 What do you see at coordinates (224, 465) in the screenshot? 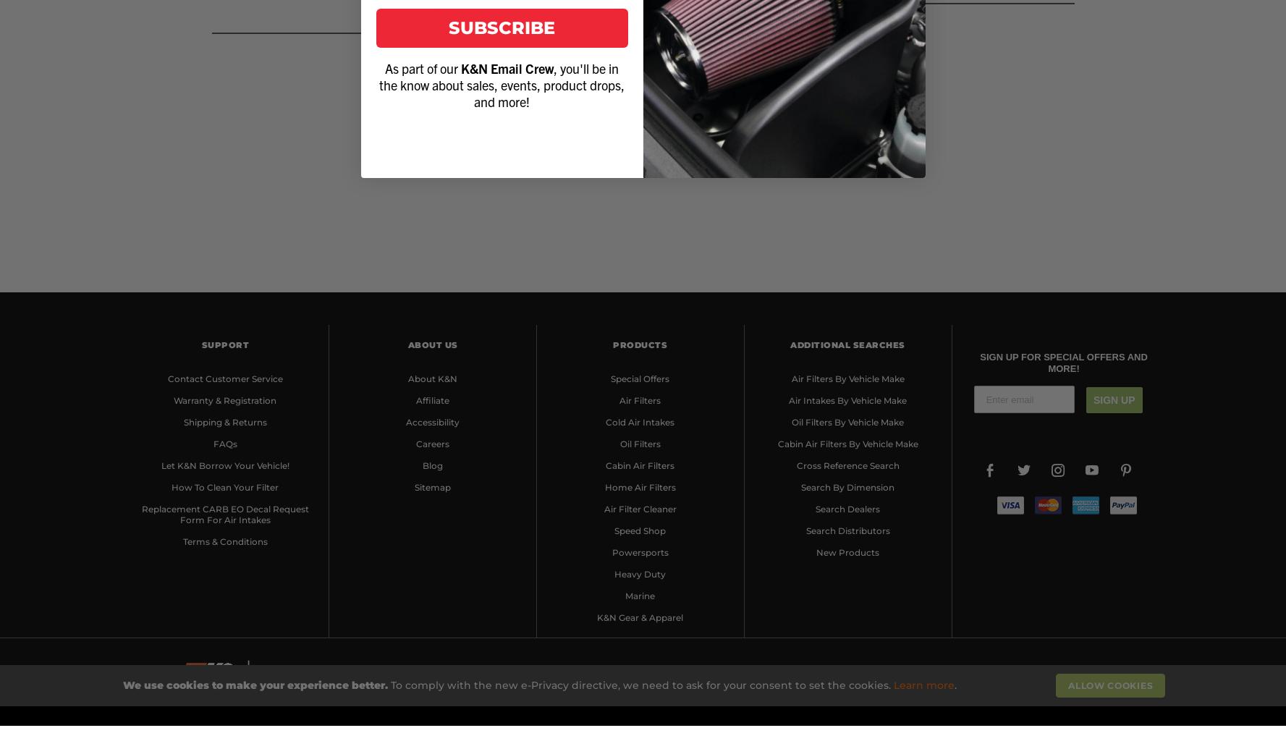
I see `'Let K&N Borrow Your Vehicle!'` at bounding box center [224, 465].